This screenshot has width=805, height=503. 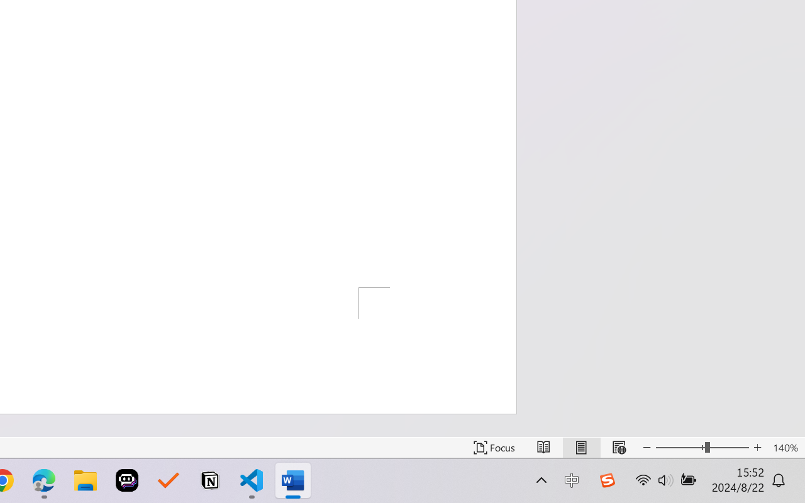 What do you see at coordinates (785, 447) in the screenshot?
I see `'Zoom 140%'` at bounding box center [785, 447].